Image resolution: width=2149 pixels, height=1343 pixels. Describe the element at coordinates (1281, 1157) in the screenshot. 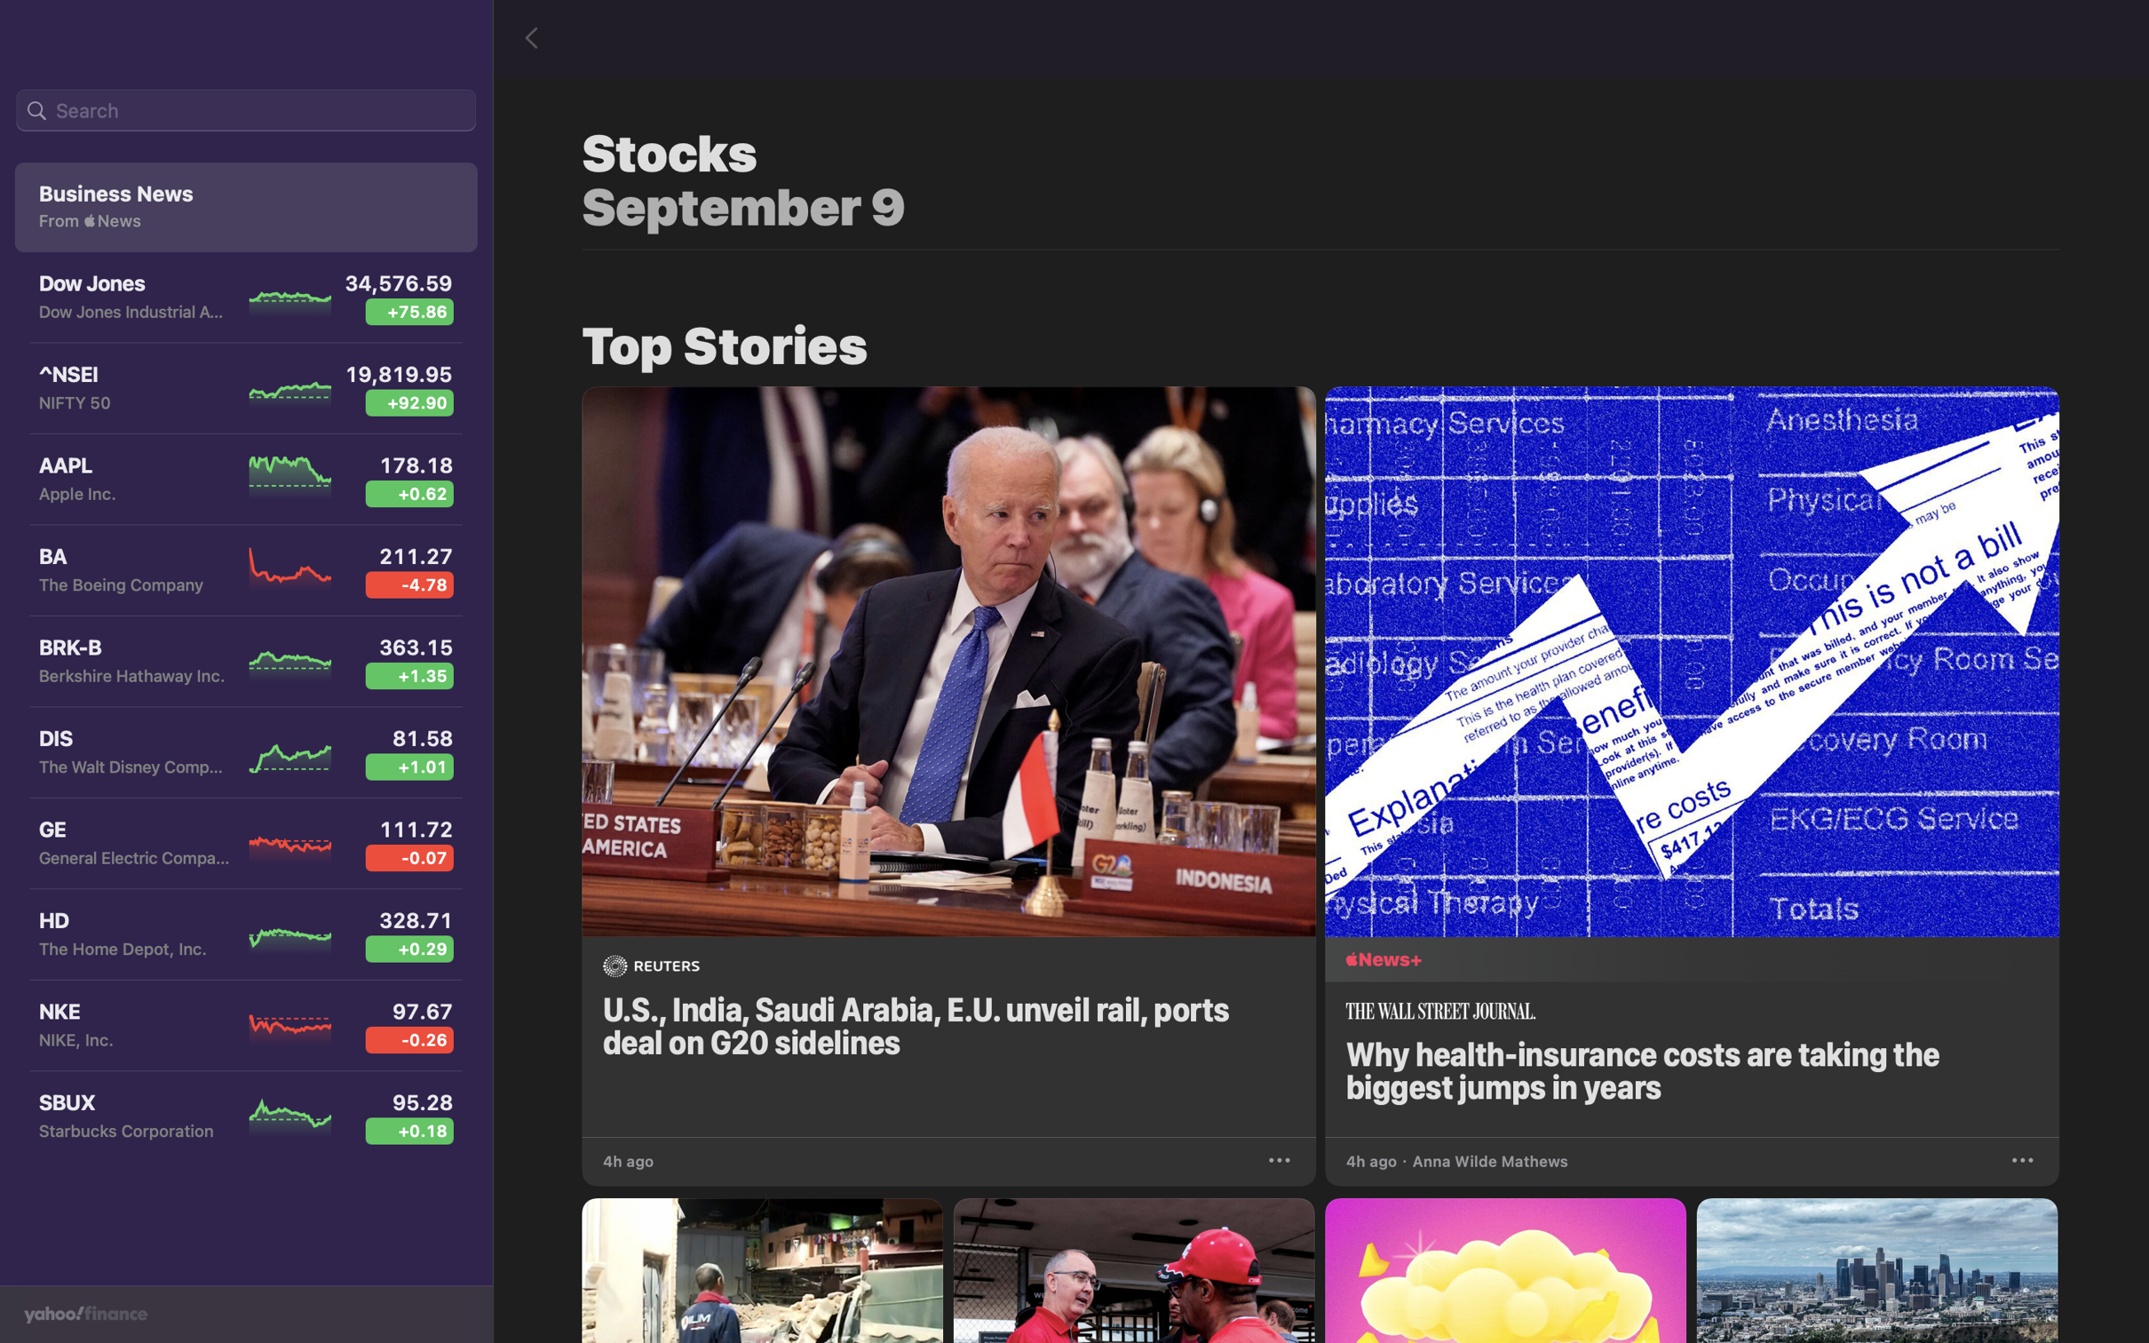

I see `Save the G20 news` at that location.